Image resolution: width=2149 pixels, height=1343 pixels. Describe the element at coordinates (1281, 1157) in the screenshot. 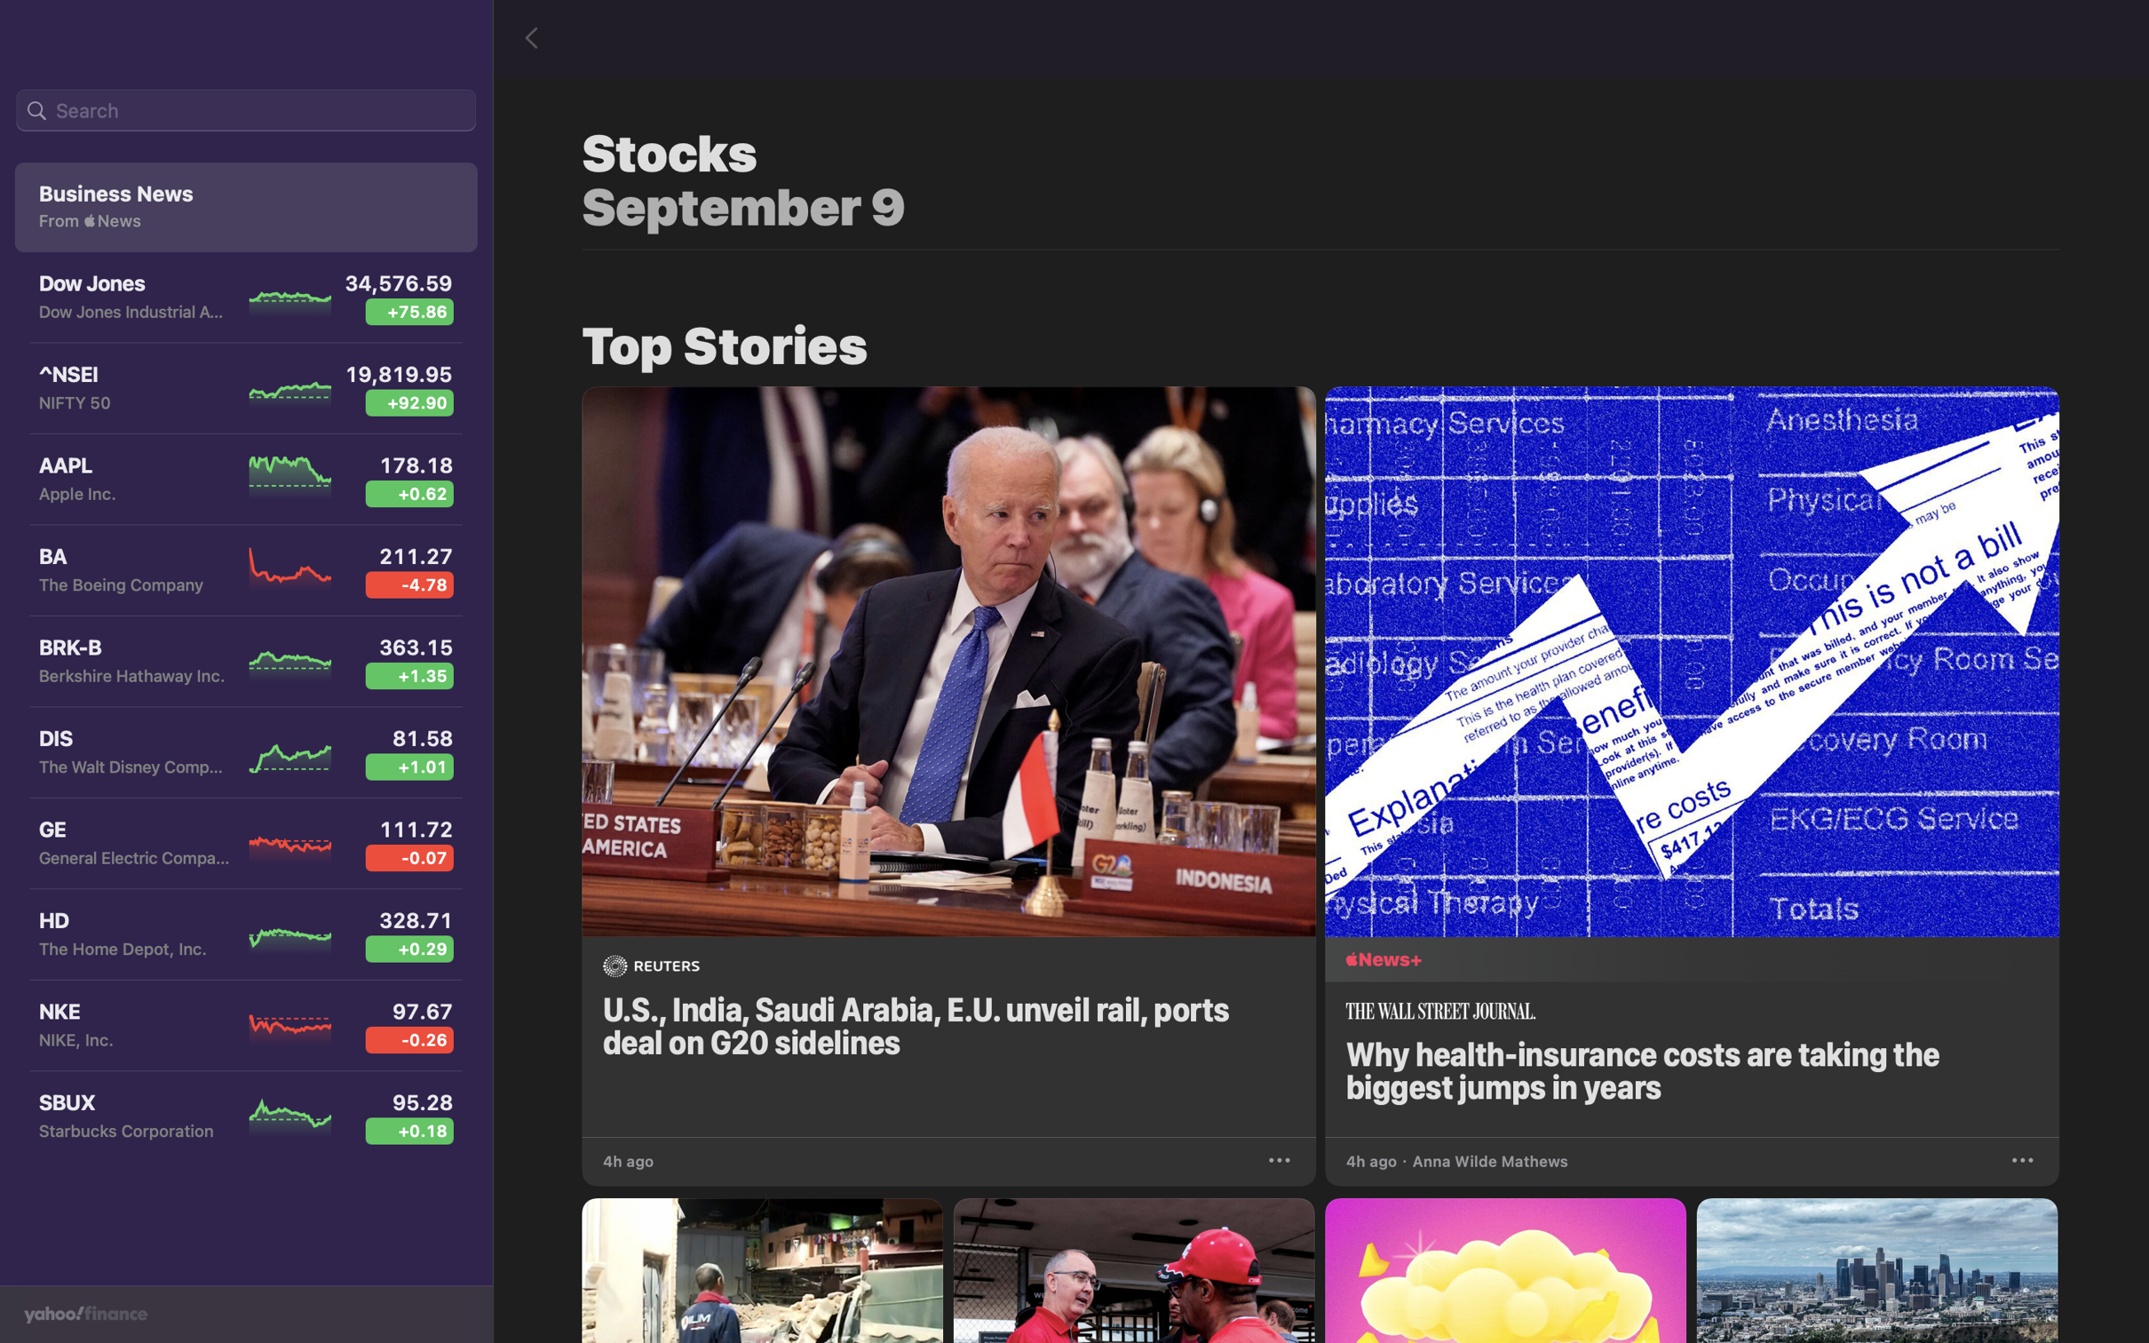

I see `Save the G20 news` at that location.